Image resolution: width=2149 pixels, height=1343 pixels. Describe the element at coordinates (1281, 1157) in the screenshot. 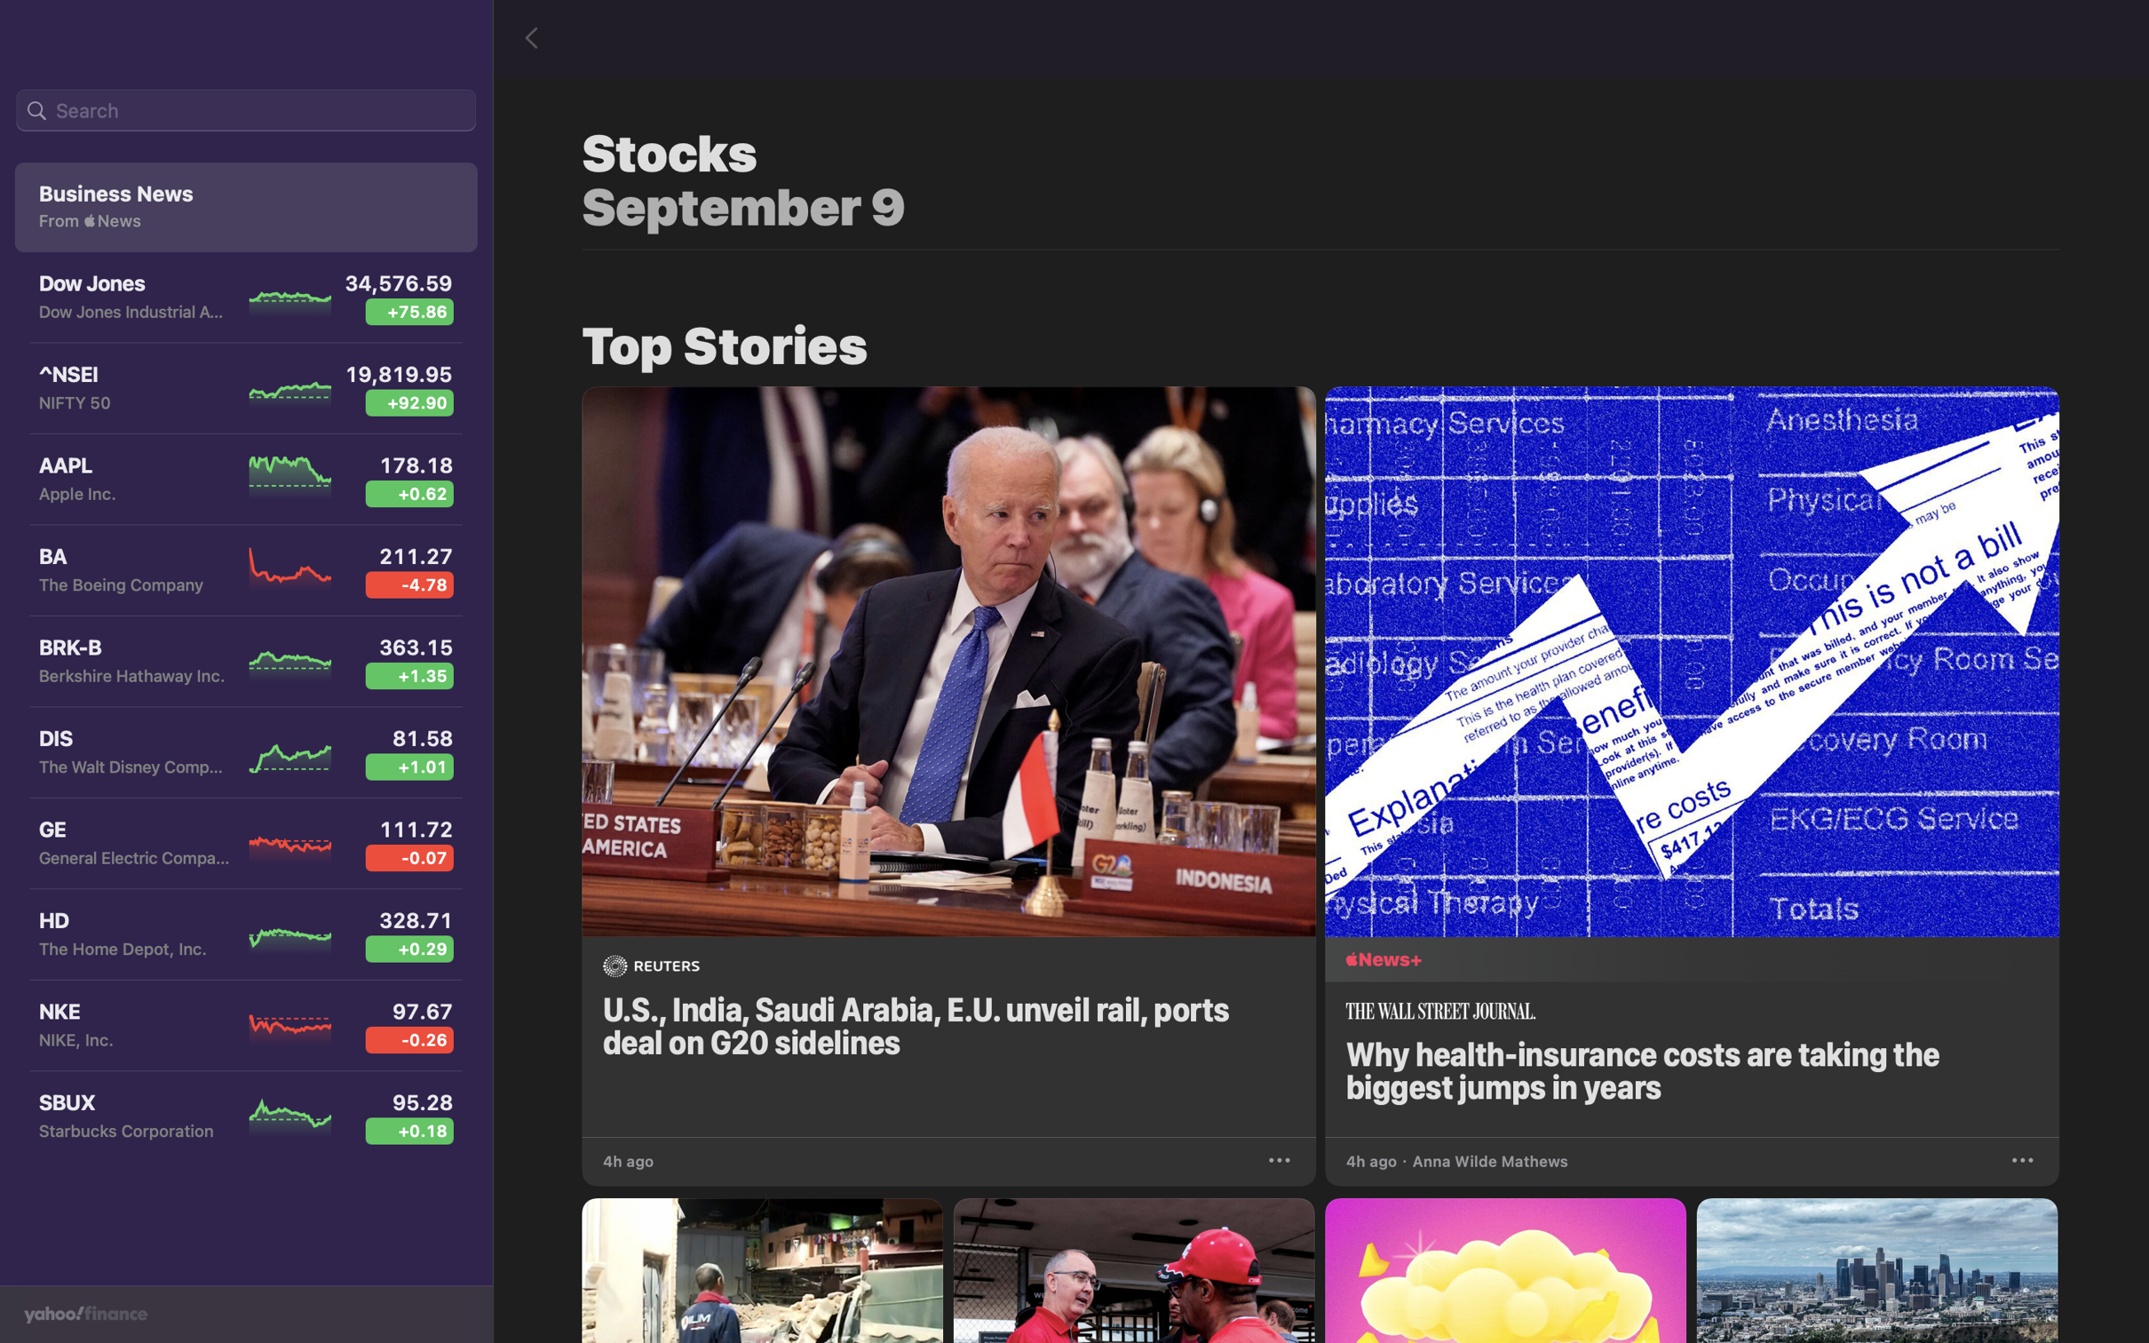

I see `Save the G20 news` at that location.